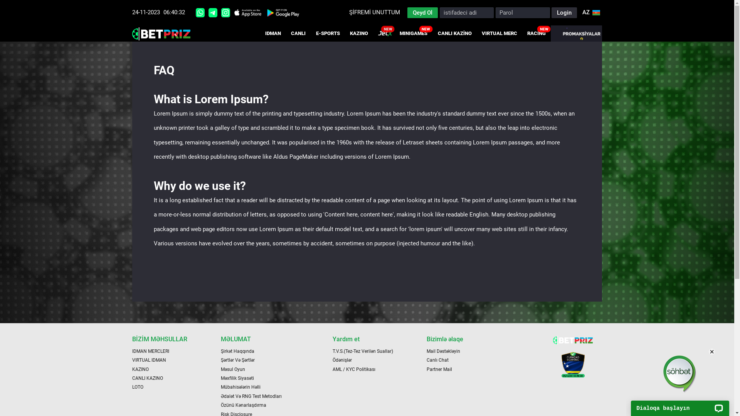 This screenshot has height=416, width=740. What do you see at coordinates (551, 13) in the screenshot?
I see `'Login'` at bounding box center [551, 13].